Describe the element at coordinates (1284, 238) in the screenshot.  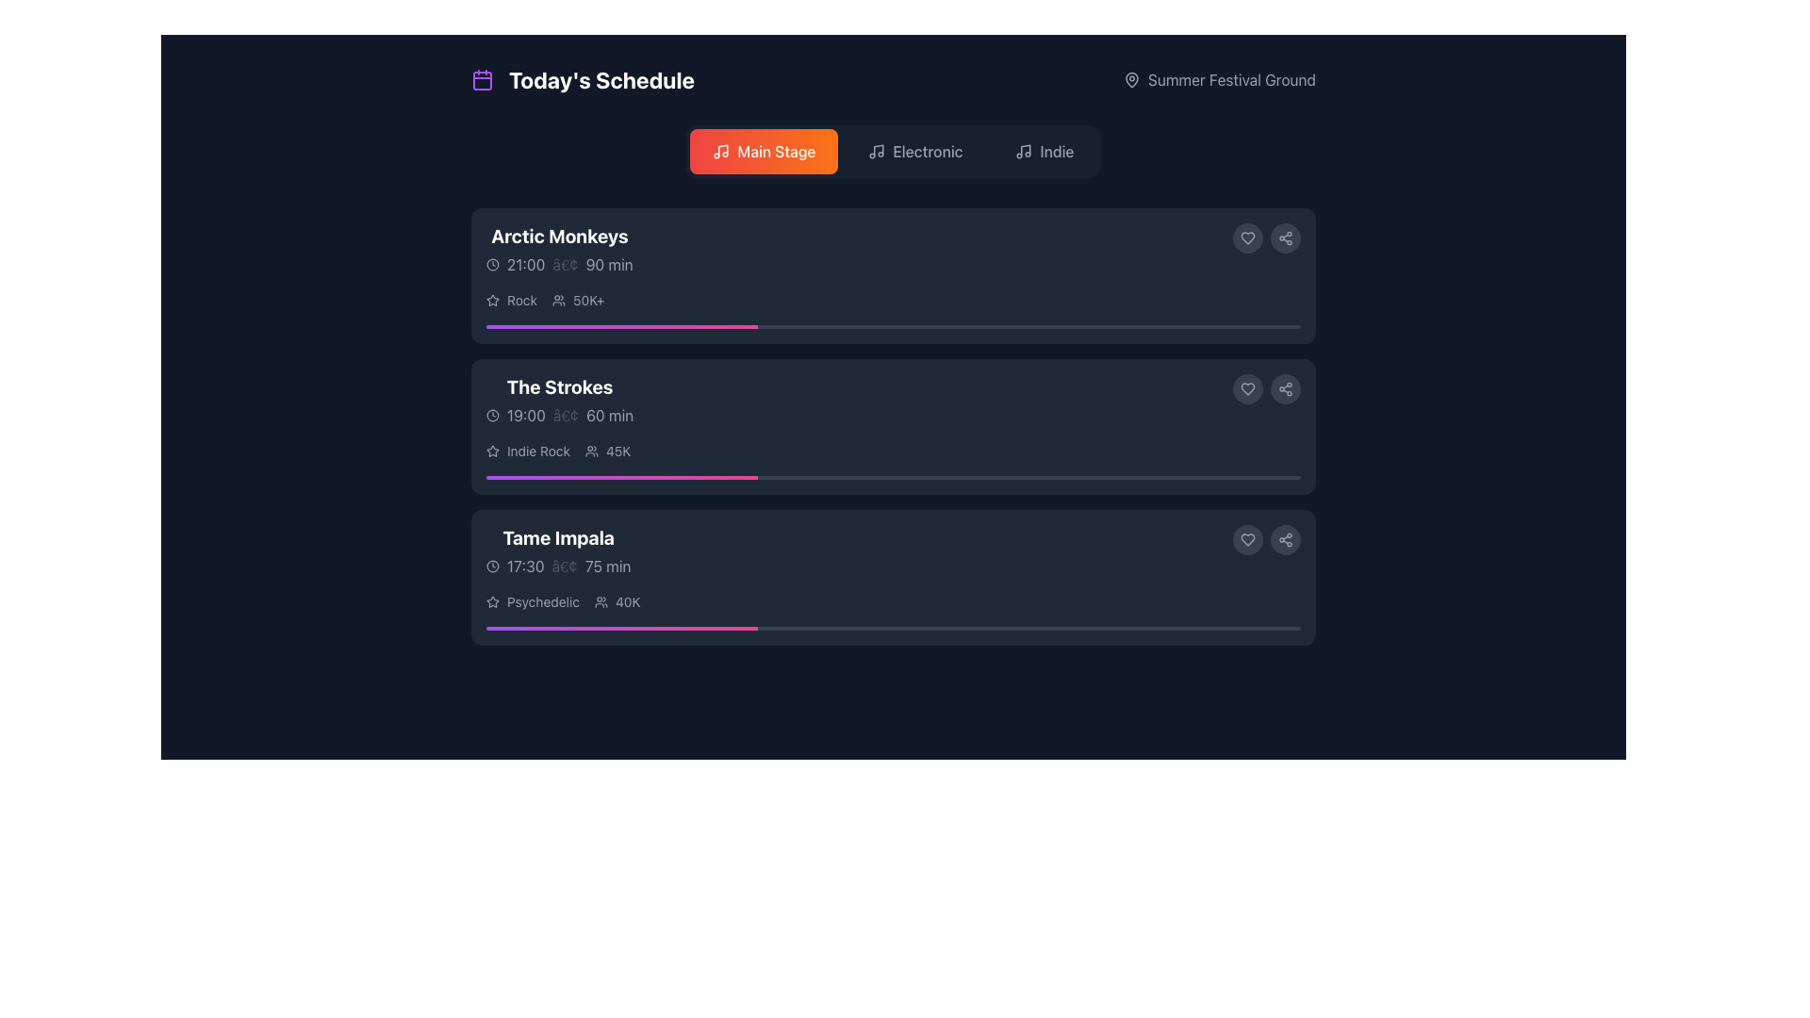
I see `the small circular icon button resembling a share or network symbol located in the top-right corner of the Arctic Monkeys event card to share the content` at that location.